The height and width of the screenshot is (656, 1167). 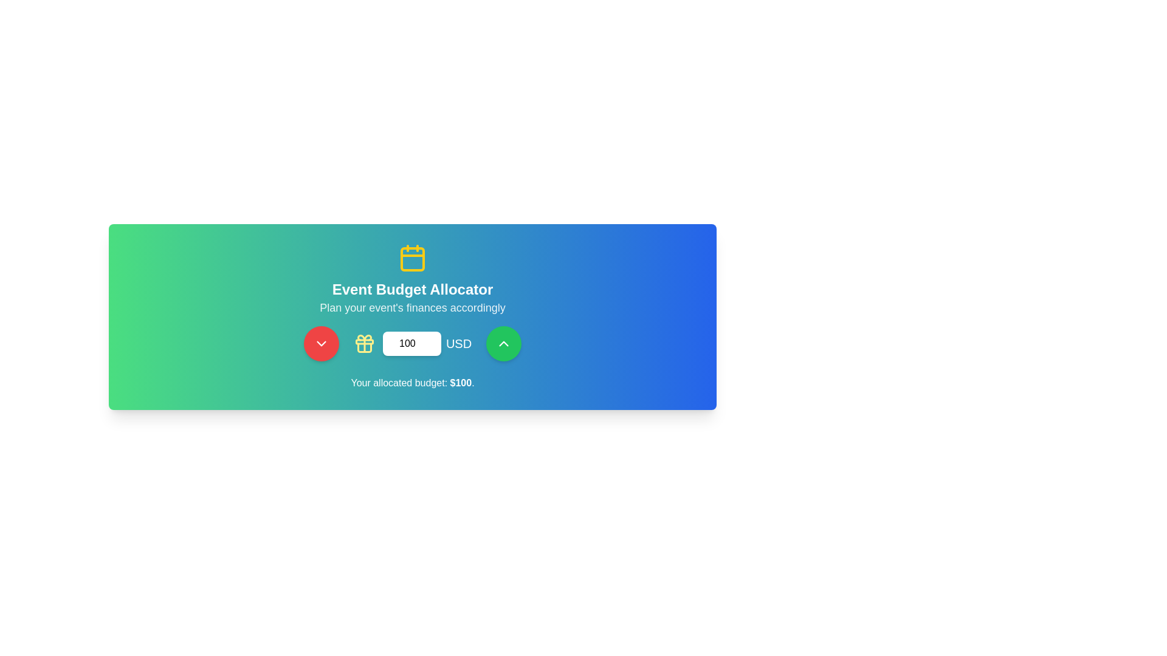 What do you see at coordinates (321, 344) in the screenshot?
I see `the downward-facing chevron icon within the red circular button located below the title 'Event Budget Allocator'` at bounding box center [321, 344].